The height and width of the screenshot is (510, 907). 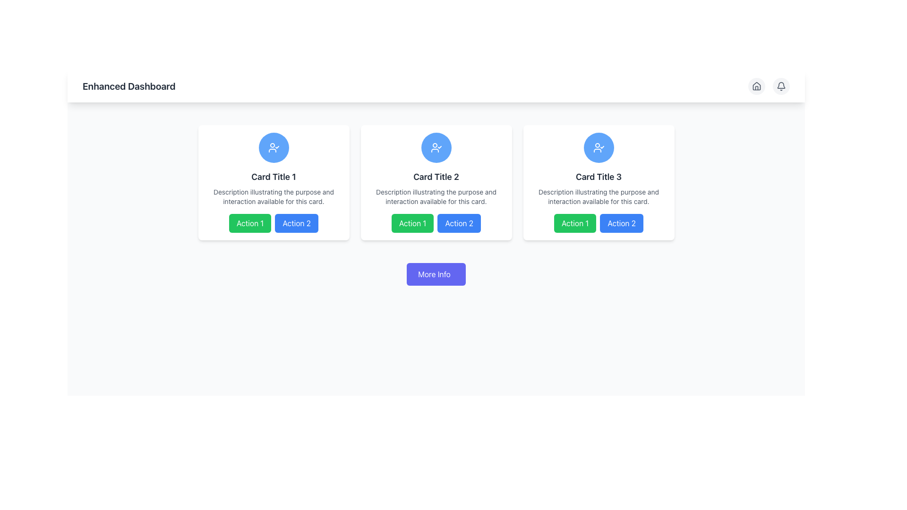 I want to click on the SVG graphic of a user icon with a checkmark, which is located in the rightmost card titled 'Card Title 3', so click(x=436, y=147).